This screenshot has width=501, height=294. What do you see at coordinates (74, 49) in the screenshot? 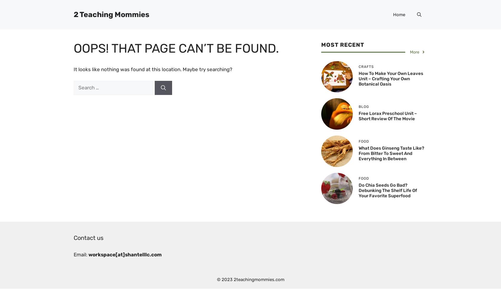
I see `'Oops! That page can’t be found.'` at bounding box center [74, 49].